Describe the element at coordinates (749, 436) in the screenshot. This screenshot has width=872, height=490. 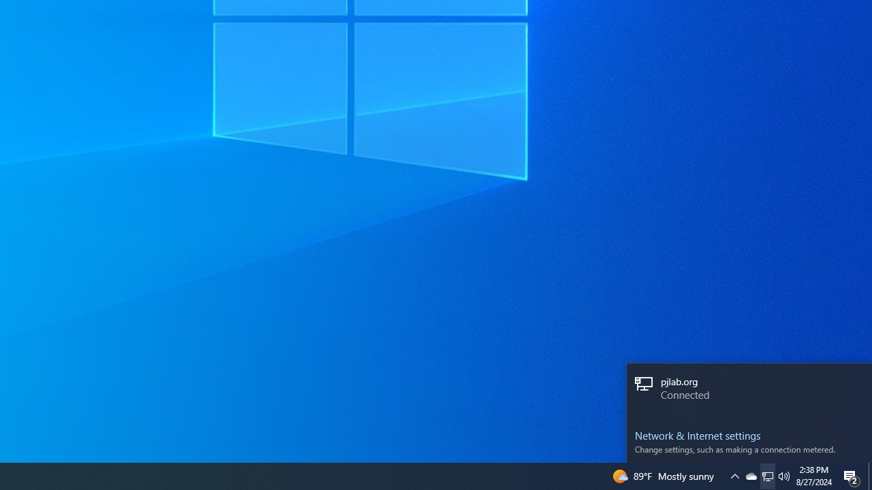
I see `'Network & Internet settings'` at that location.